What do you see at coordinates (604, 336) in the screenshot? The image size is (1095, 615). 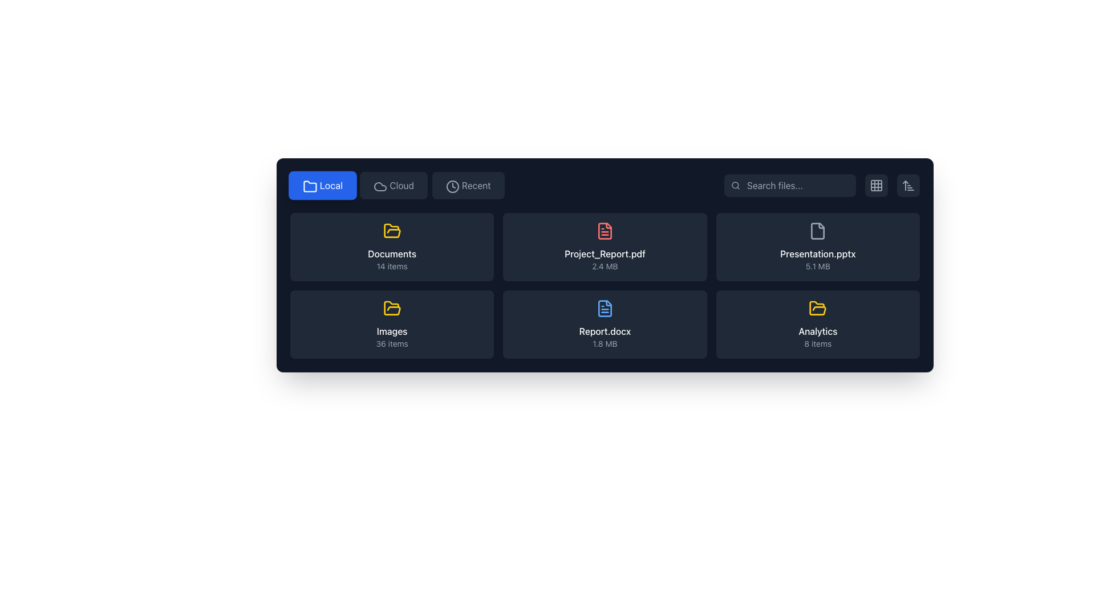 I see `the Text label displaying 'Report.docx' and '1.8 MB' in the middle row, second column of the file preview grid` at bounding box center [604, 336].